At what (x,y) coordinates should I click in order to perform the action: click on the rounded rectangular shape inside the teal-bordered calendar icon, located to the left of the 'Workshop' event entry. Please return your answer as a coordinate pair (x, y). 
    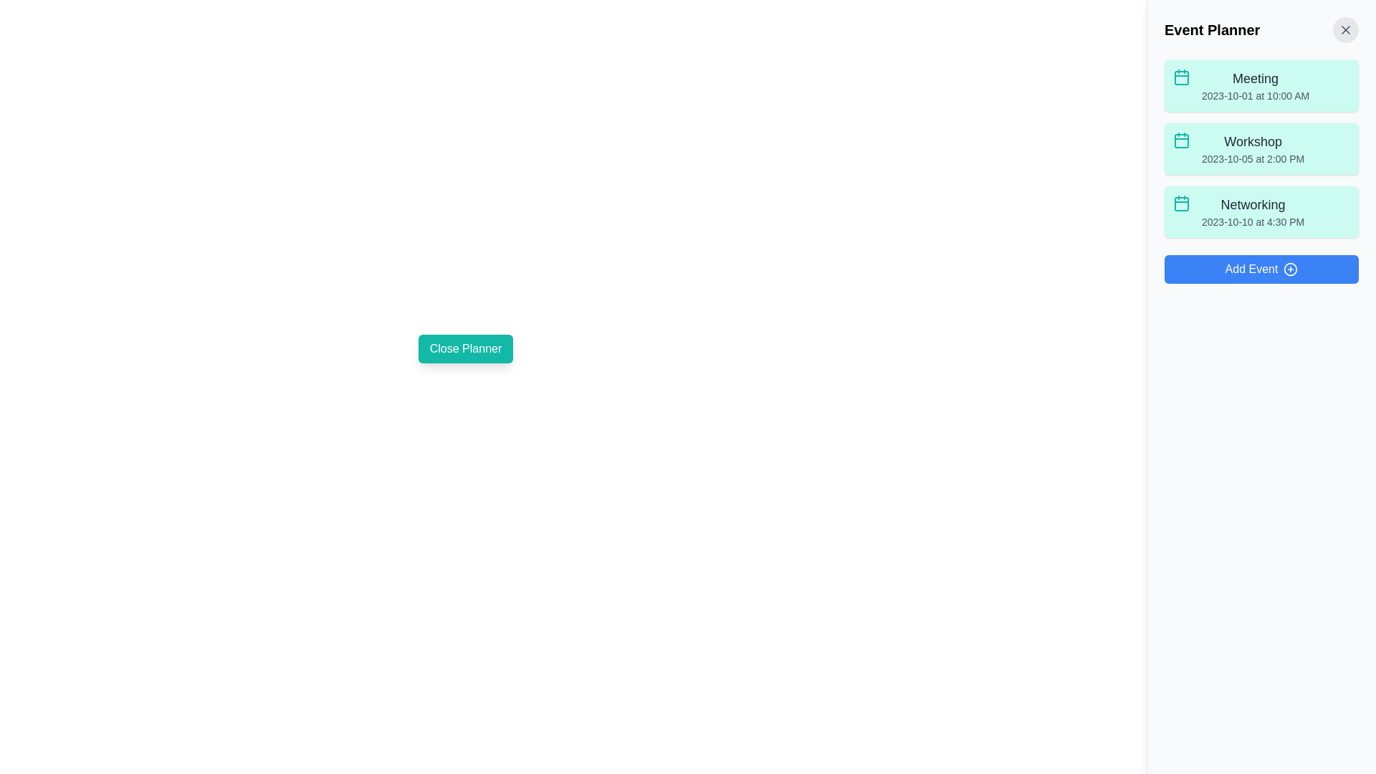
    Looking at the image, I should click on (1182, 140).